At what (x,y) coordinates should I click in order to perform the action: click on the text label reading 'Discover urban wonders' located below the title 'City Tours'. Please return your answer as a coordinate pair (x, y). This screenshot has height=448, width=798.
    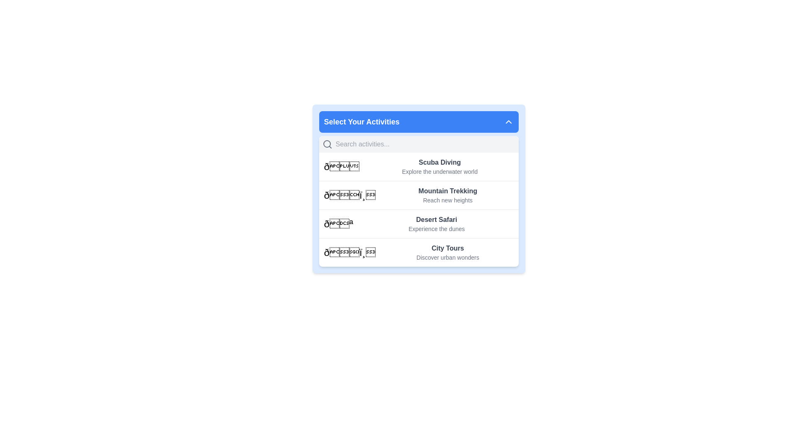
    Looking at the image, I should click on (447, 257).